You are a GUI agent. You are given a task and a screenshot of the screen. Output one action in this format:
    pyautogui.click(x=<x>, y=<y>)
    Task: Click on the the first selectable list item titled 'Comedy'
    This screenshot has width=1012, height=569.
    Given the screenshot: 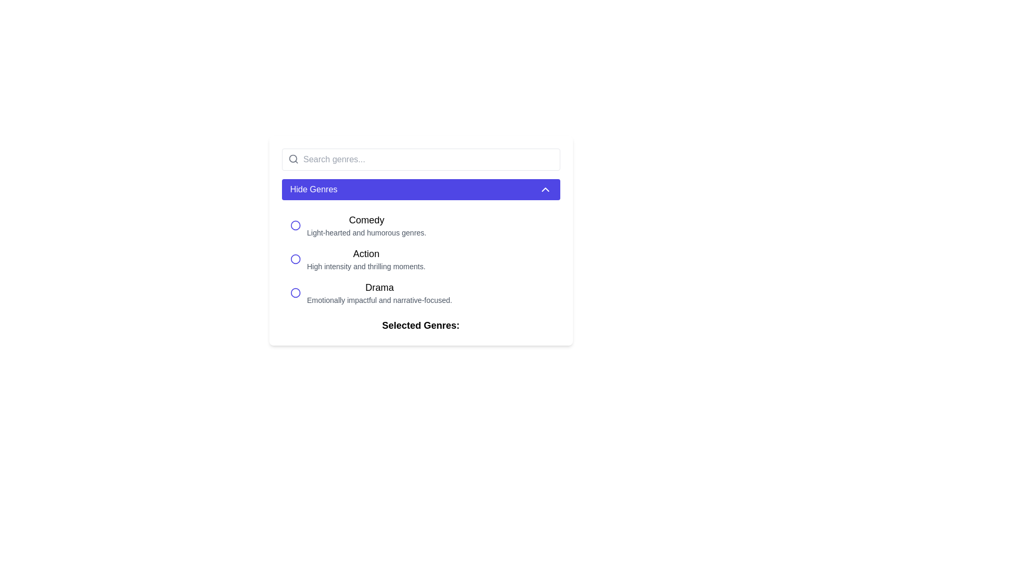 What is the action you would take?
    pyautogui.click(x=420, y=225)
    